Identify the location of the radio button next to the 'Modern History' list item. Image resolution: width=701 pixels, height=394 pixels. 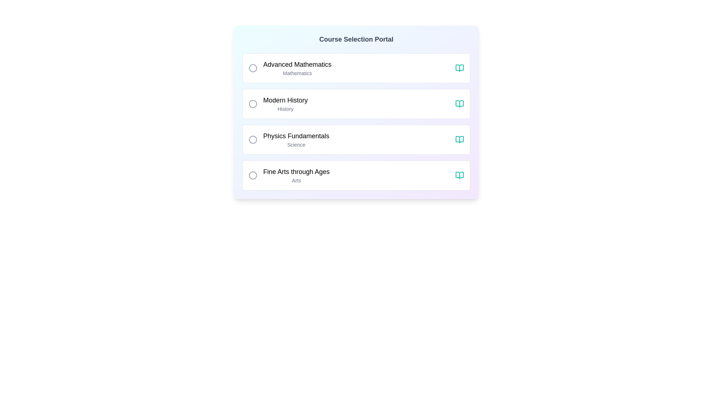
(278, 104).